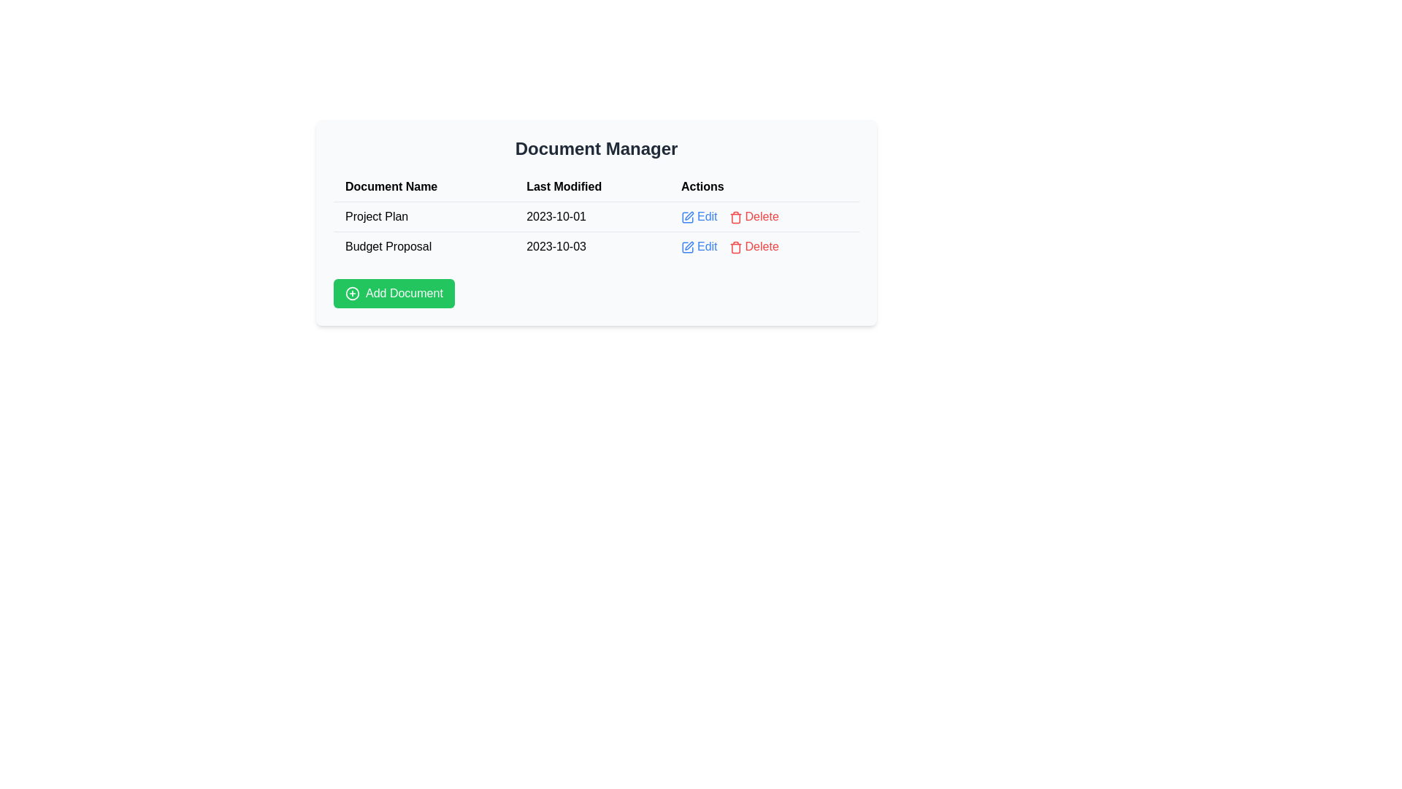  Describe the element at coordinates (353, 293) in the screenshot. I see `the circular outline element that is centrally located within the 'Add Document' button, which is designed with a clean stroke and no fill color, forming part of a 'plus' sign` at that location.